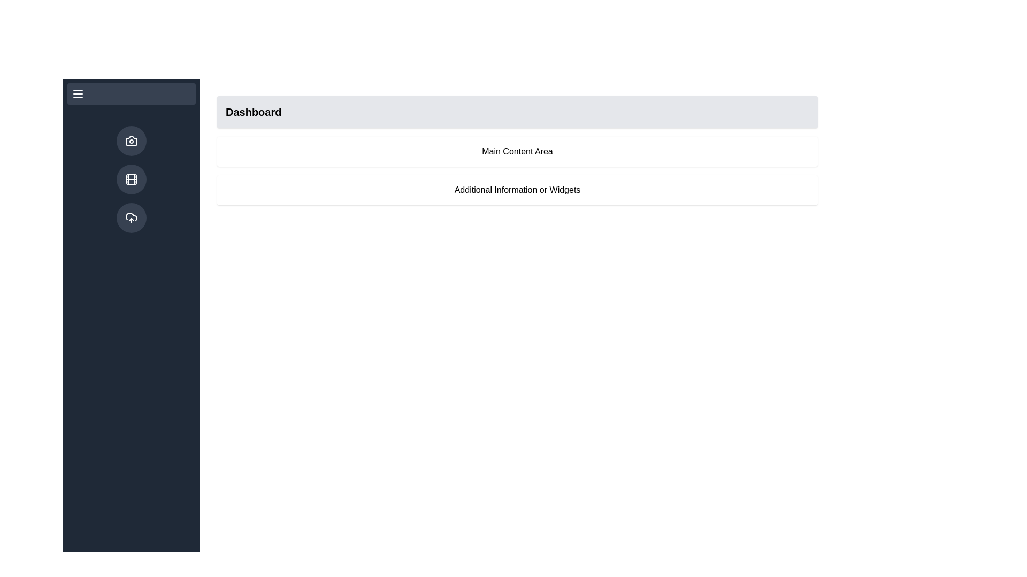 This screenshot has width=1027, height=577. Describe the element at coordinates (131, 216) in the screenshot. I see `the cloud upload icon in the SVG vector graphic located in the button panel of the side navigation bar, which is the third icon from the top` at that location.